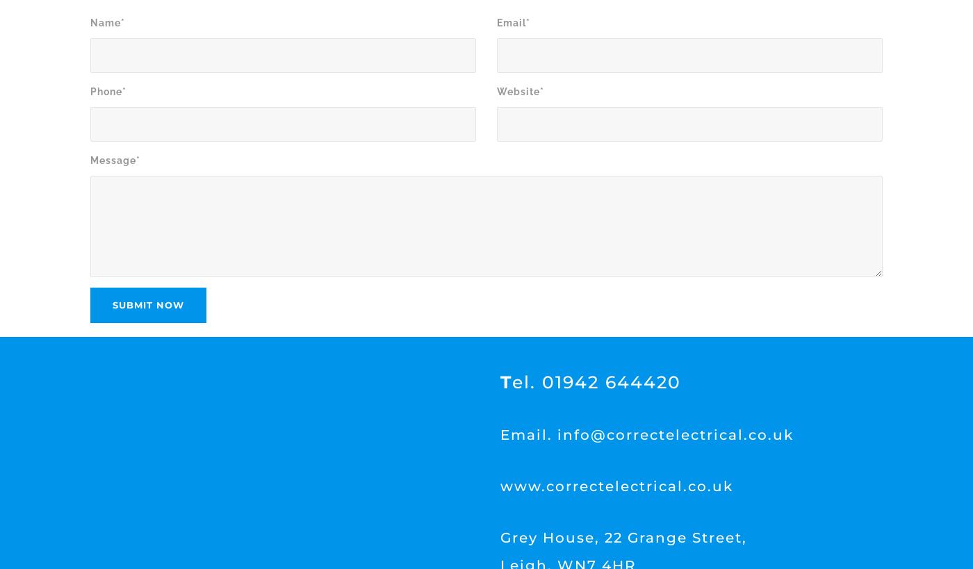  What do you see at coordinates (500, 536) in the screenshot?
I see `'Grey House, 22 Grange Street,'` at bounding box center [500, 536].